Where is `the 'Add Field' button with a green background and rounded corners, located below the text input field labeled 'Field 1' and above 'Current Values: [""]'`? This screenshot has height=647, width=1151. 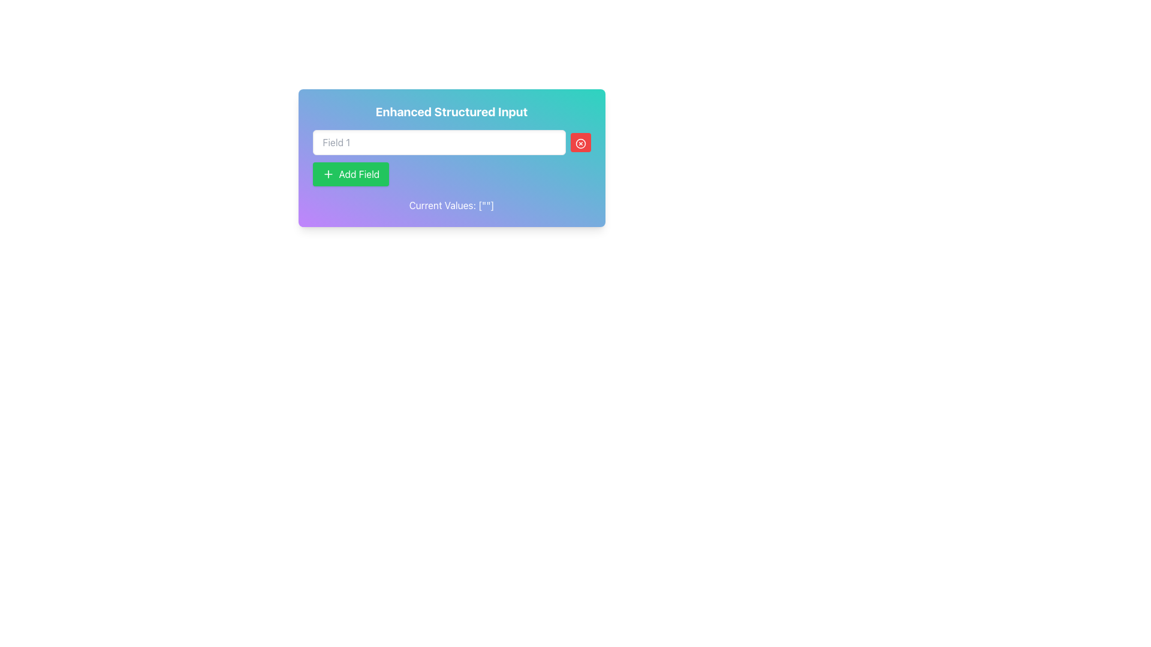
the 'Add Field' button with a green background and rounded corners, located below the text input field labeled 'Field 1' and above 'Current Values: [""]' is located at coordinates (350, 174).